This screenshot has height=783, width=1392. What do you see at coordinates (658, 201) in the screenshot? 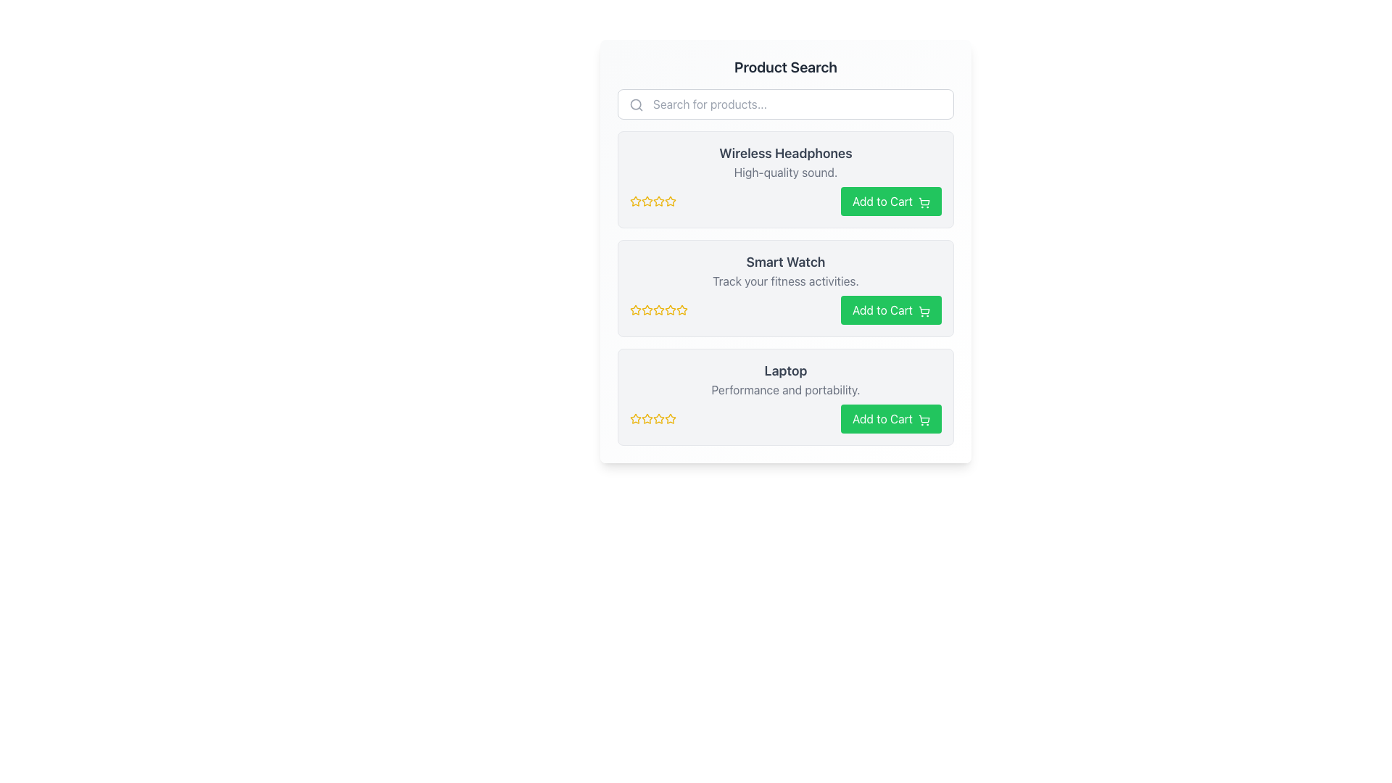
I see `the third star icon in the Wireless Headphones product card for accessibility` at bounding box center [658, 201].